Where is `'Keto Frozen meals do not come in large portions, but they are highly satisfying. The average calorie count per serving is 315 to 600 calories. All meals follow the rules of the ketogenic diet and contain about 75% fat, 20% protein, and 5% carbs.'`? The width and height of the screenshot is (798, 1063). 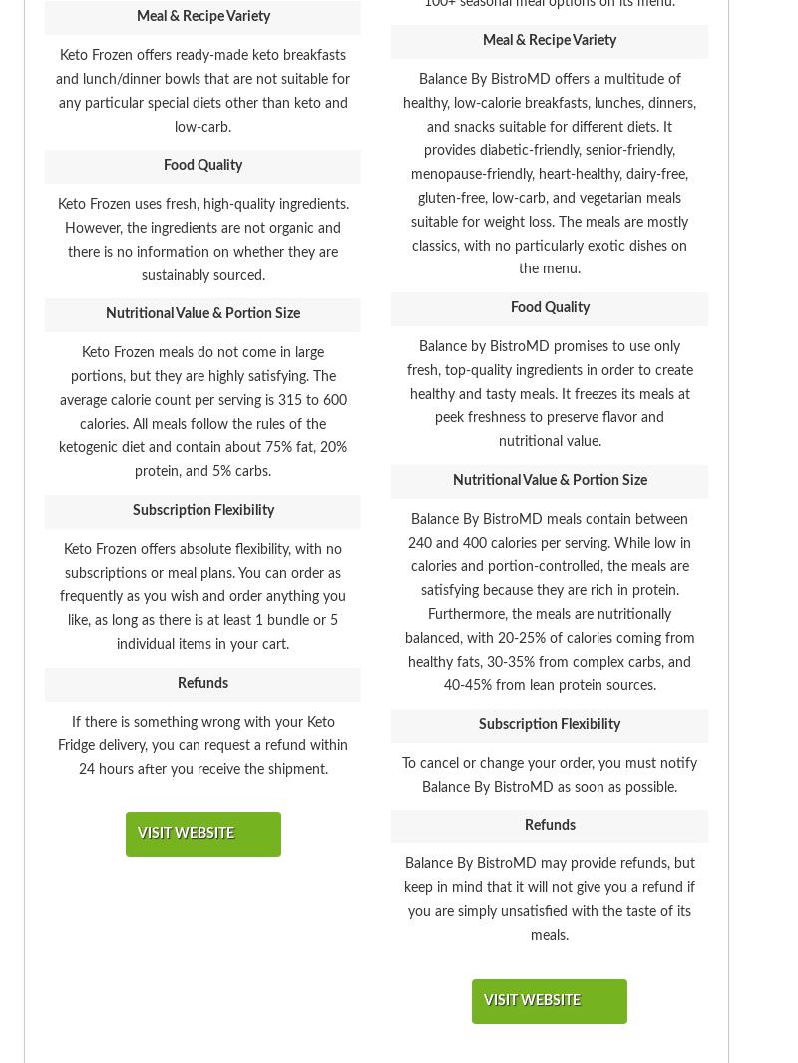 'Keto Frozen meals do not come in large portions, but they are highly satisfying. The average calorie count per serving is 315 to 600 calories. All meals follow the rules of the ketogenic diet and contain about 75% fat, 20% protein, and 5% carbs.' is located at coordinates (202, 411).